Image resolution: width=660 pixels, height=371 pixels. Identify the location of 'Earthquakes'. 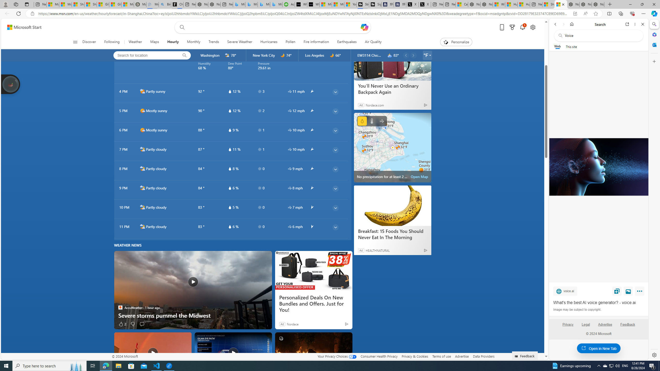
(347, 42).